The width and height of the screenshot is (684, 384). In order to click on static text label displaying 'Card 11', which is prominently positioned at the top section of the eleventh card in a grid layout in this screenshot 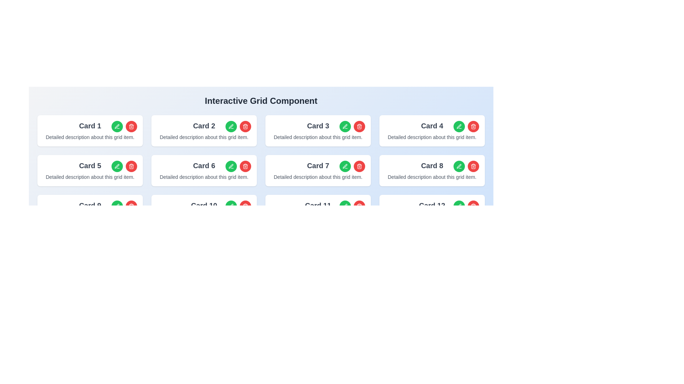, I will do `click(317, 206)`.